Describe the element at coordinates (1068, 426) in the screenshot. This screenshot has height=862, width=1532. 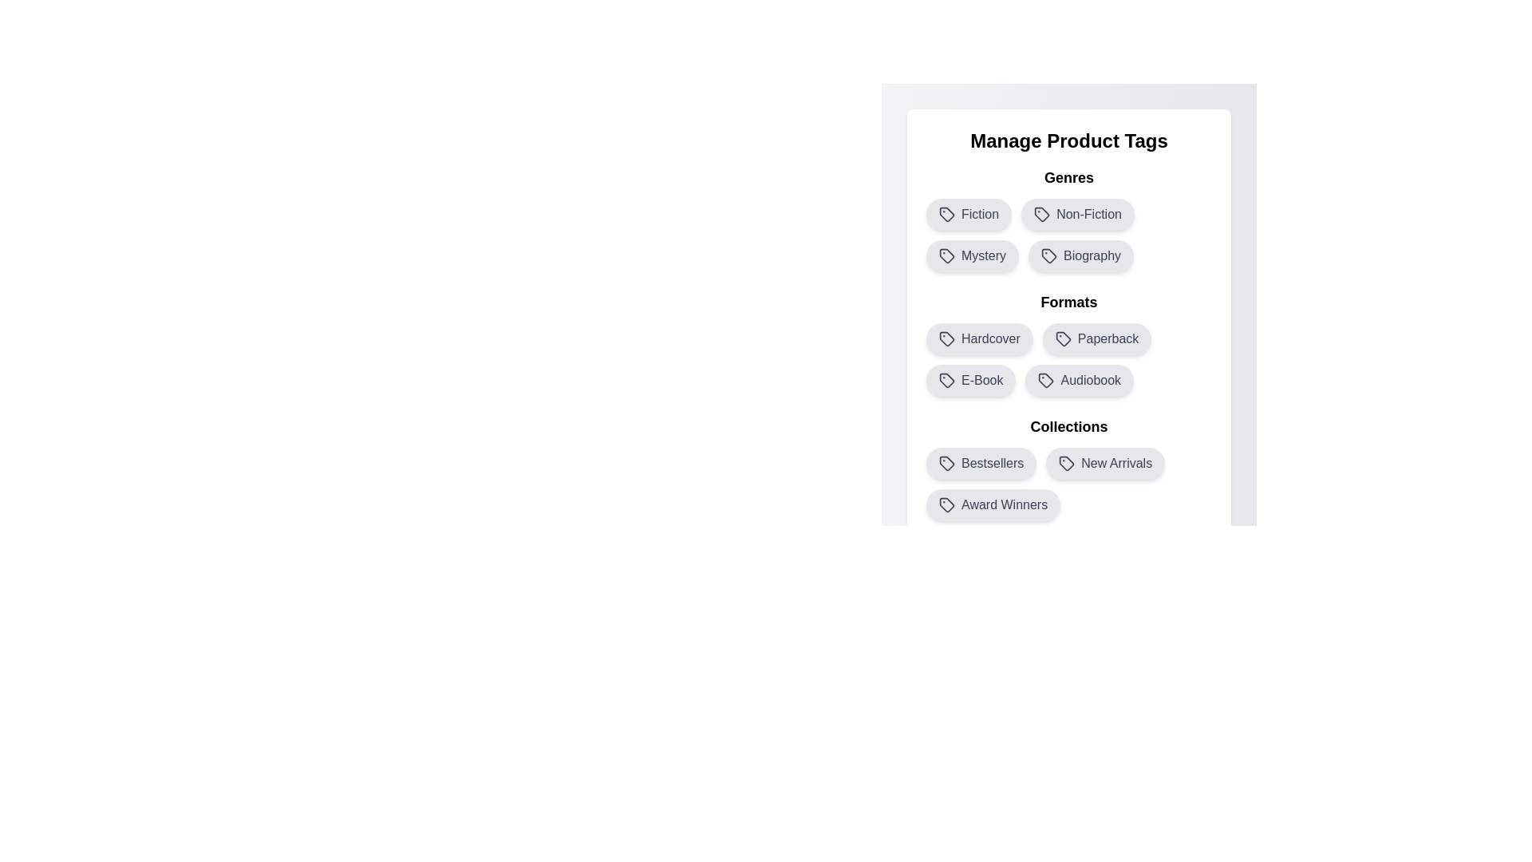
I see `the Text label that serves as a header for product tags related to collections, positioned towards the center of the page, directly below the 'Formats' category` at that location.